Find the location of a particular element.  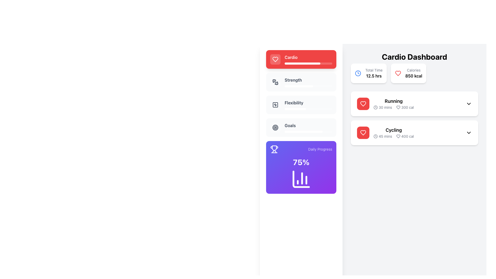

the heart icon located in the lower part of the 'Cycling' section of the 'Cardio Dashboard' is located at coordinates (398, 136).